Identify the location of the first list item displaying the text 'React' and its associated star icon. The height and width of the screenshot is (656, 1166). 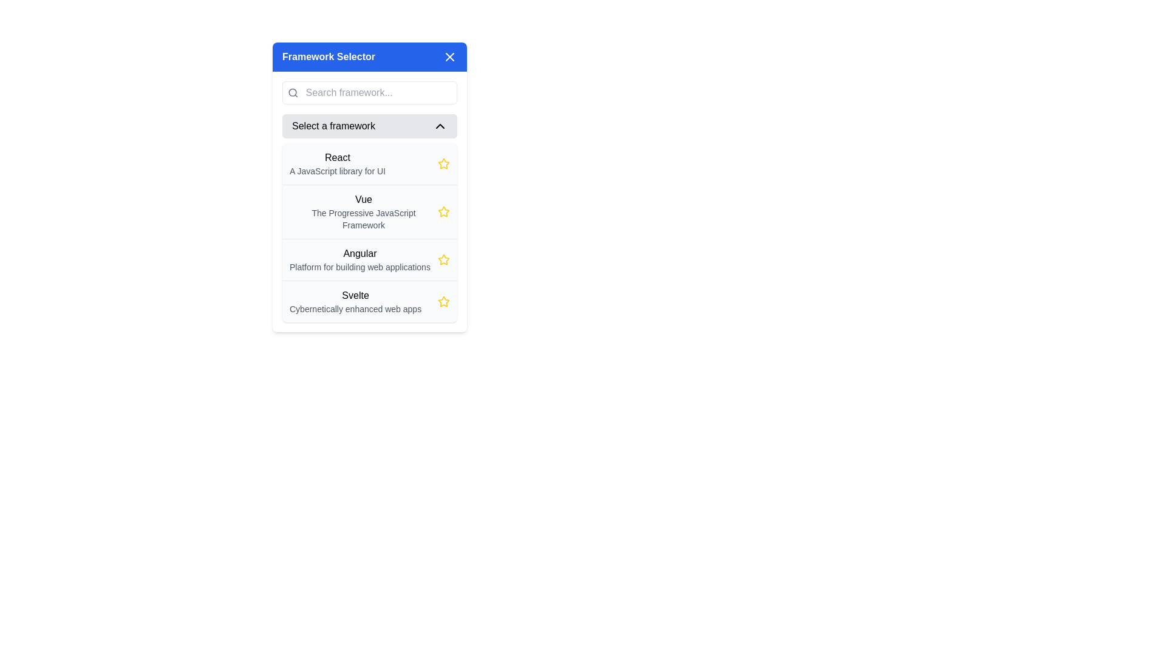
(369, 164).